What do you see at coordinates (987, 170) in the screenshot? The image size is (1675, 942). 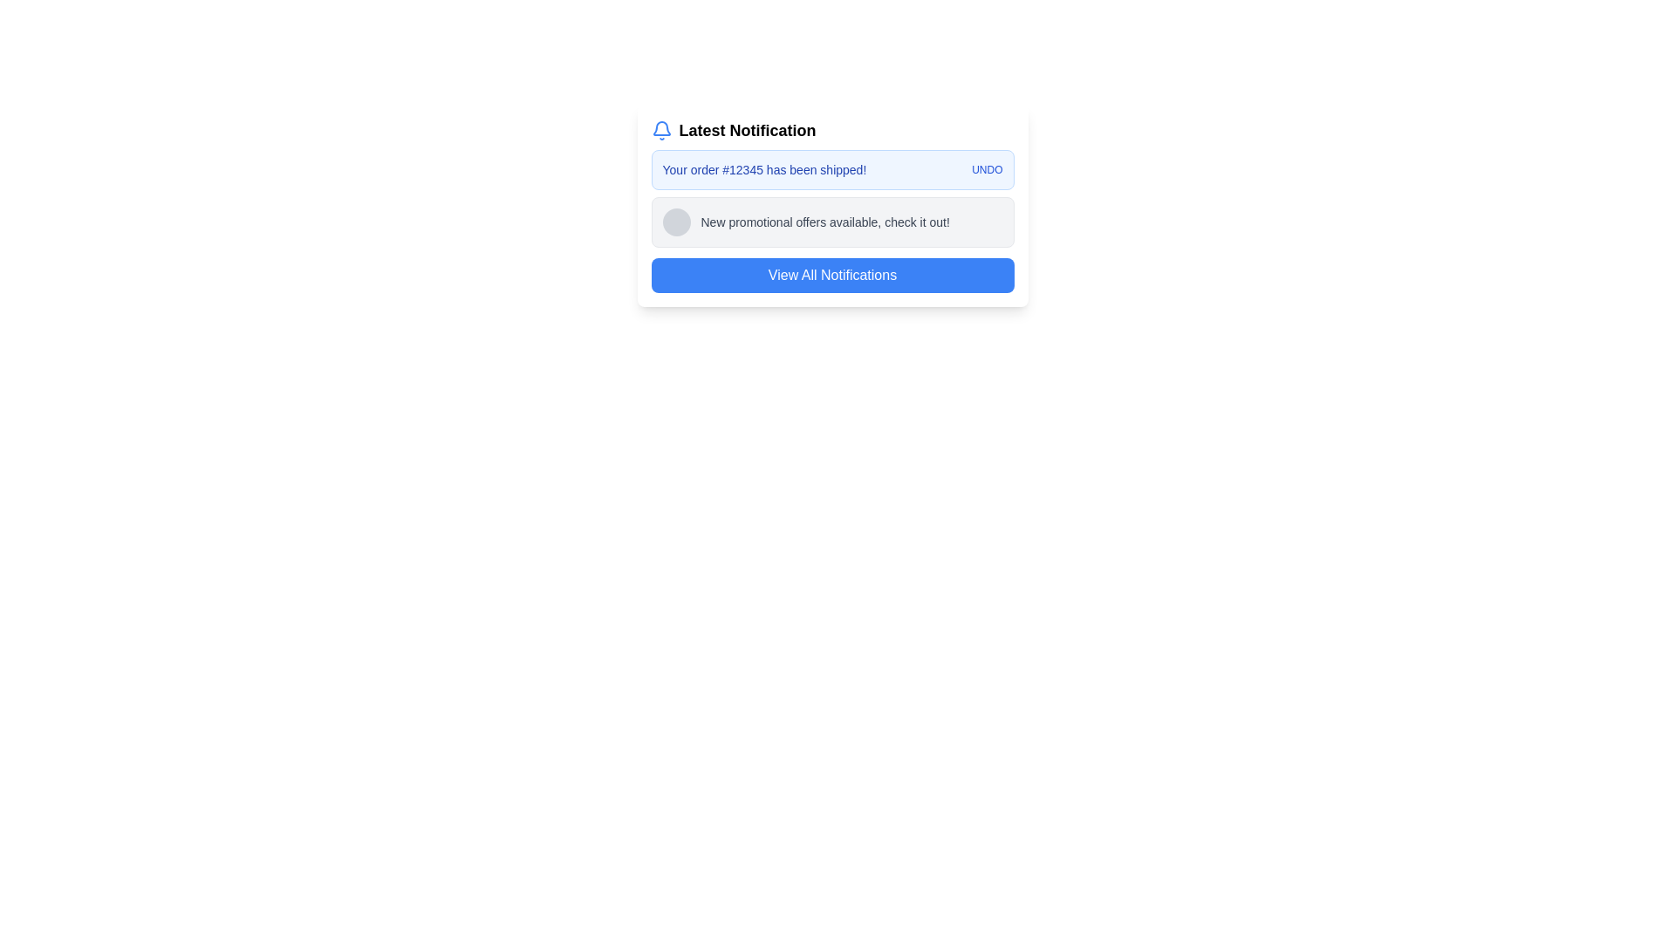 I see `the blue 'UNDO' button located at the far right of the notification message 'Your order #12345 has been shipped!'` at bounding box center [987, 170].